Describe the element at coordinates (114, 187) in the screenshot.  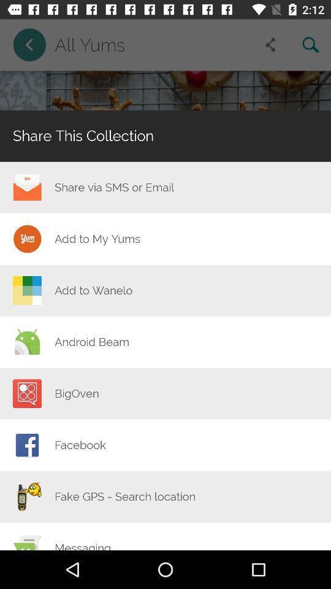
I see `the icon above the add to my` at that location.